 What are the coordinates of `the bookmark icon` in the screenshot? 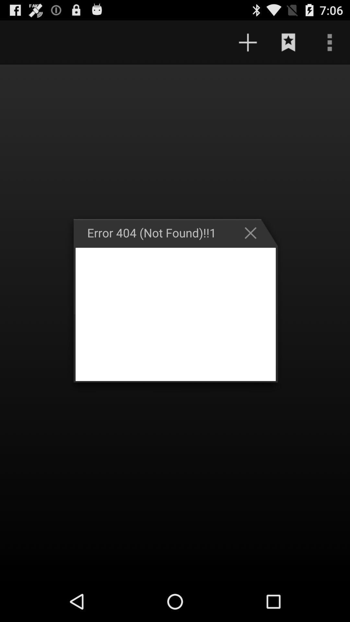 It's located at (288, 45).